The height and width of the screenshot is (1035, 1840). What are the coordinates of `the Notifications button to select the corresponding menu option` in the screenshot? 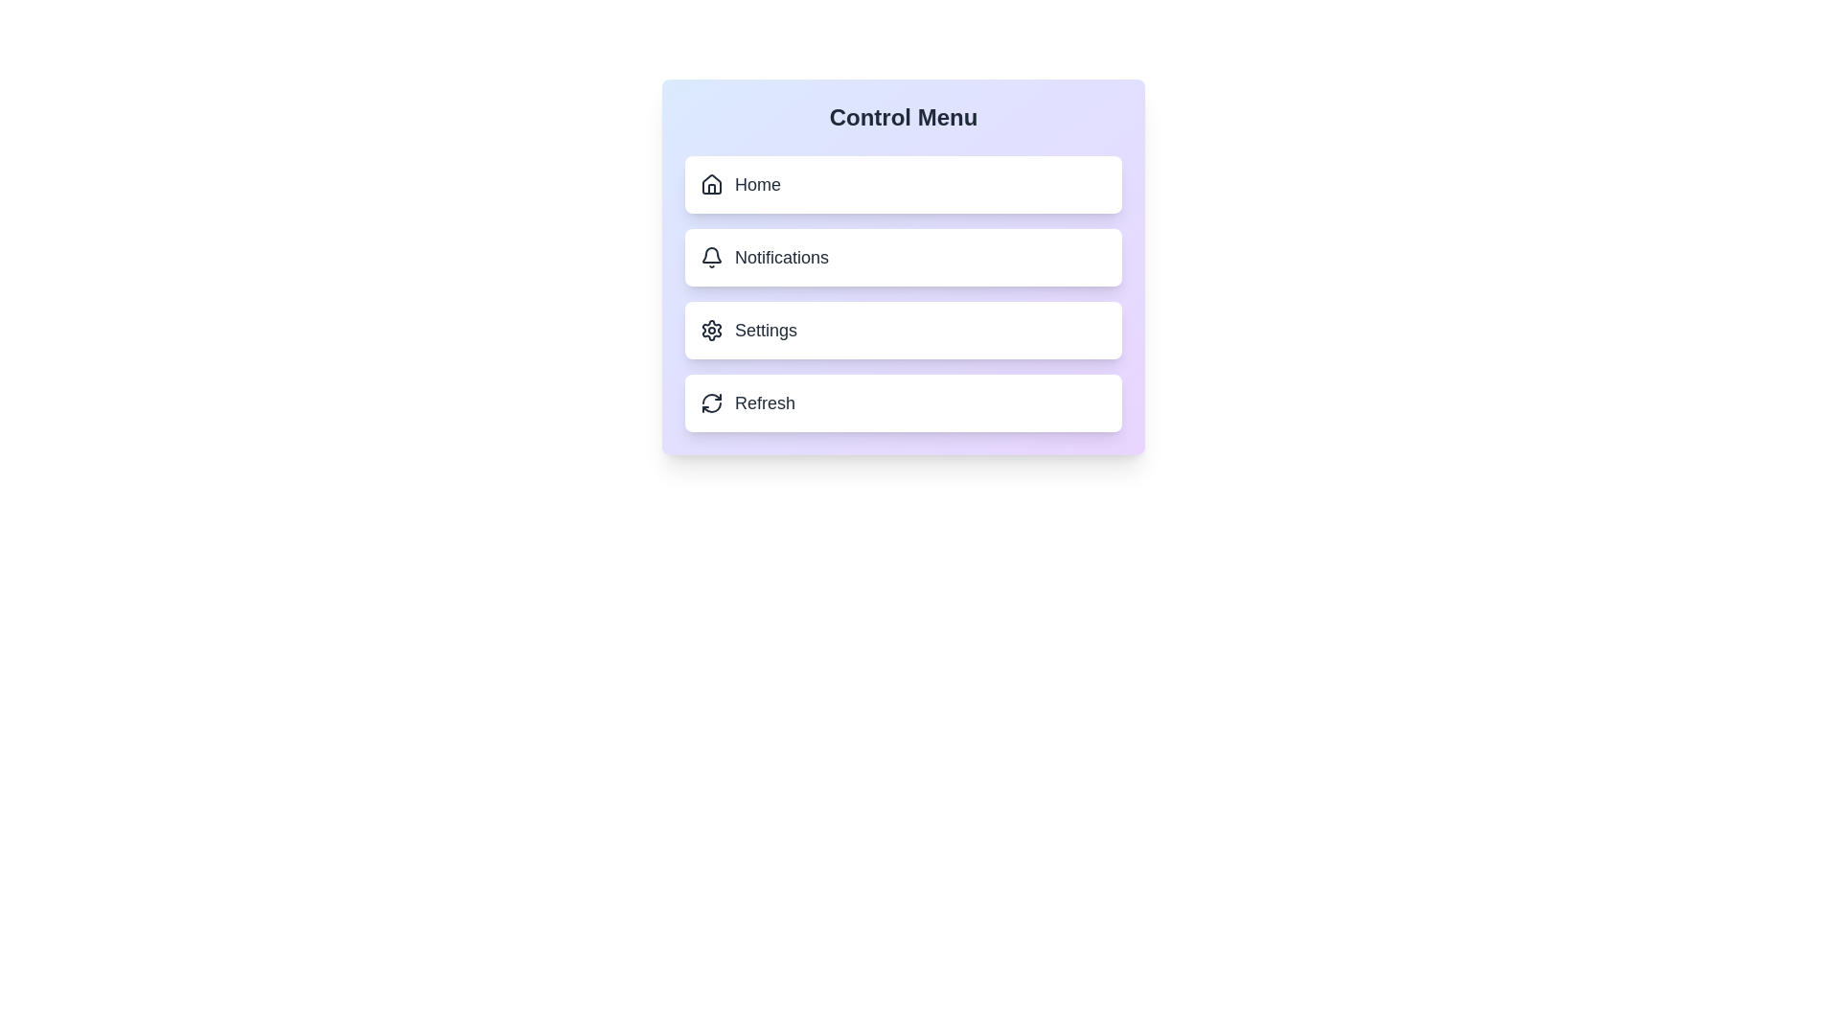 It's located at (902, 257).